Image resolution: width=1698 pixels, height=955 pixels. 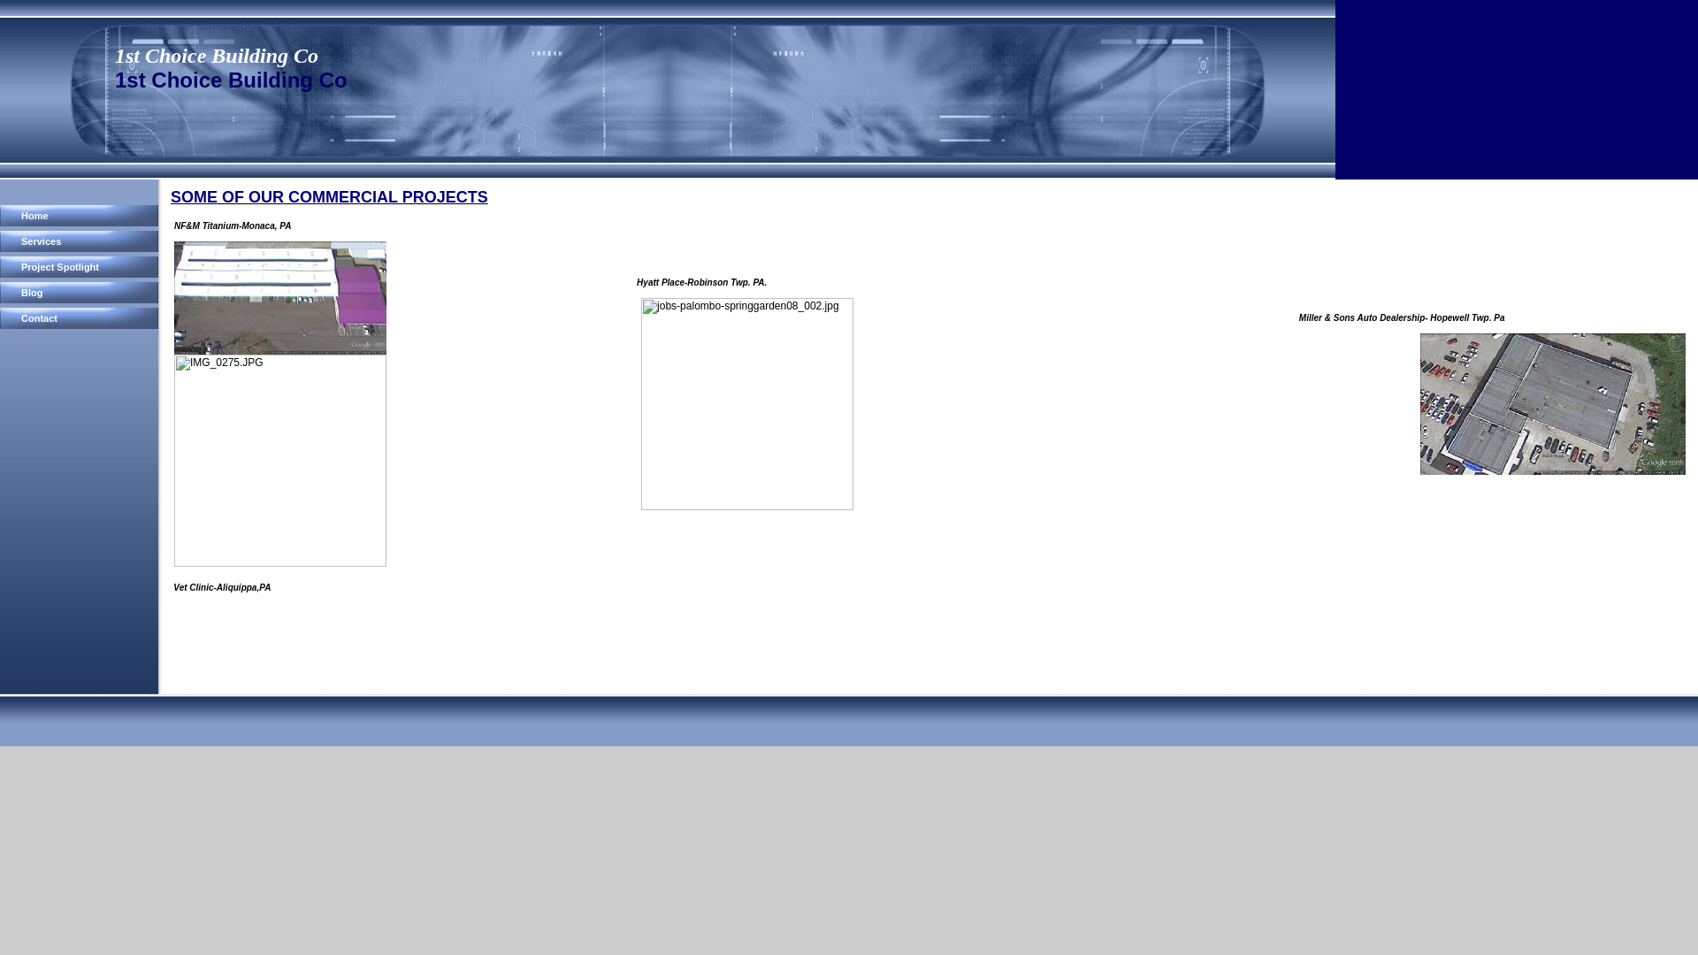 What do you see at coordinates (80, 241) in the screenshot?
I see `'Services'` at bounding box center [80, 241].